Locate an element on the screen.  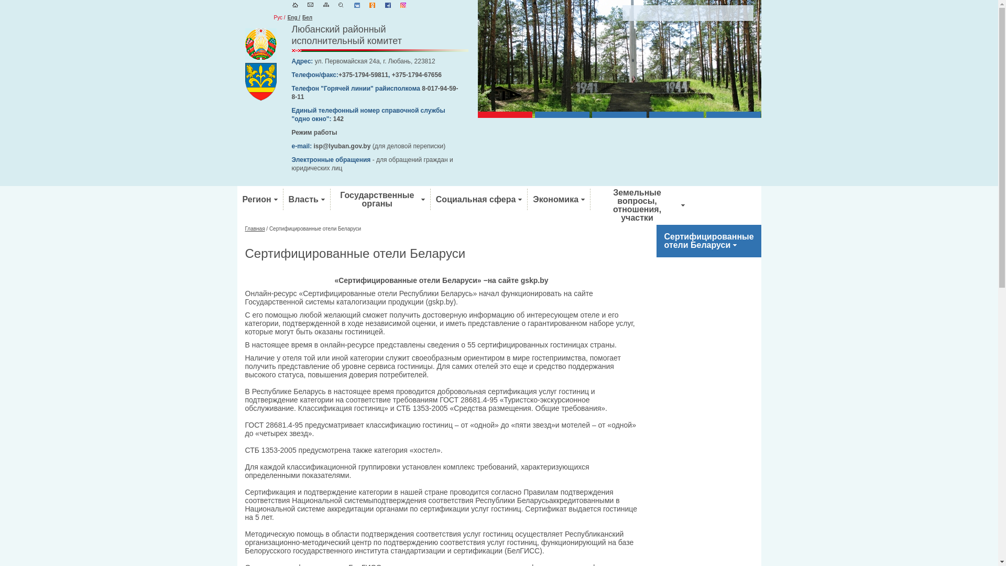
'142' is located at coordinates (338, 118).